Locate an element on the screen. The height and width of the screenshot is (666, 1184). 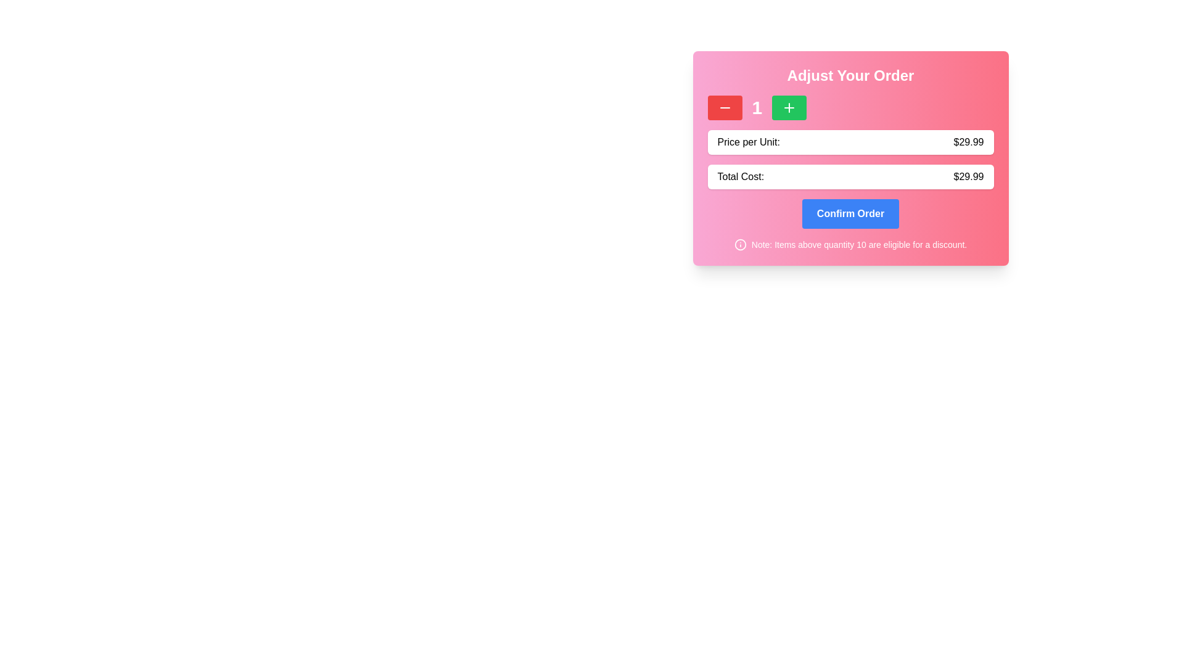
pricing details displayed in the central information block located within the 'Adjust Your Order' card, positioned below the quantity control and above the 'Confirm Order' button is located at coordinates (850, 173).